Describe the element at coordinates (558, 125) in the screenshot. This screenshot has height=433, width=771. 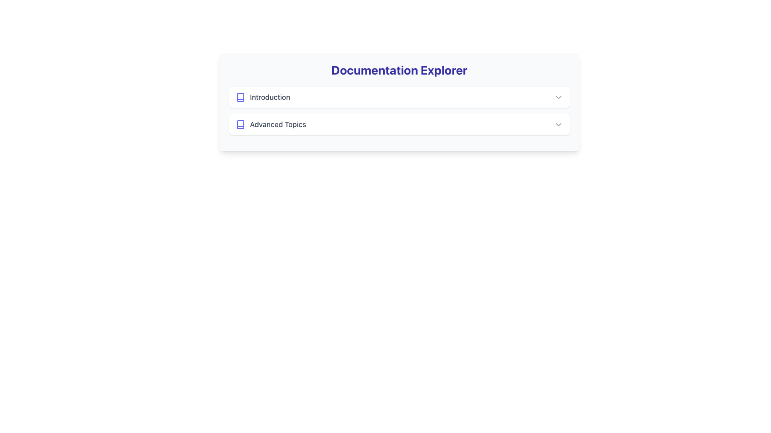
I see `the small gray chevron-down icon located at the far-right section of the 'Advanced Topics' button` at that location.